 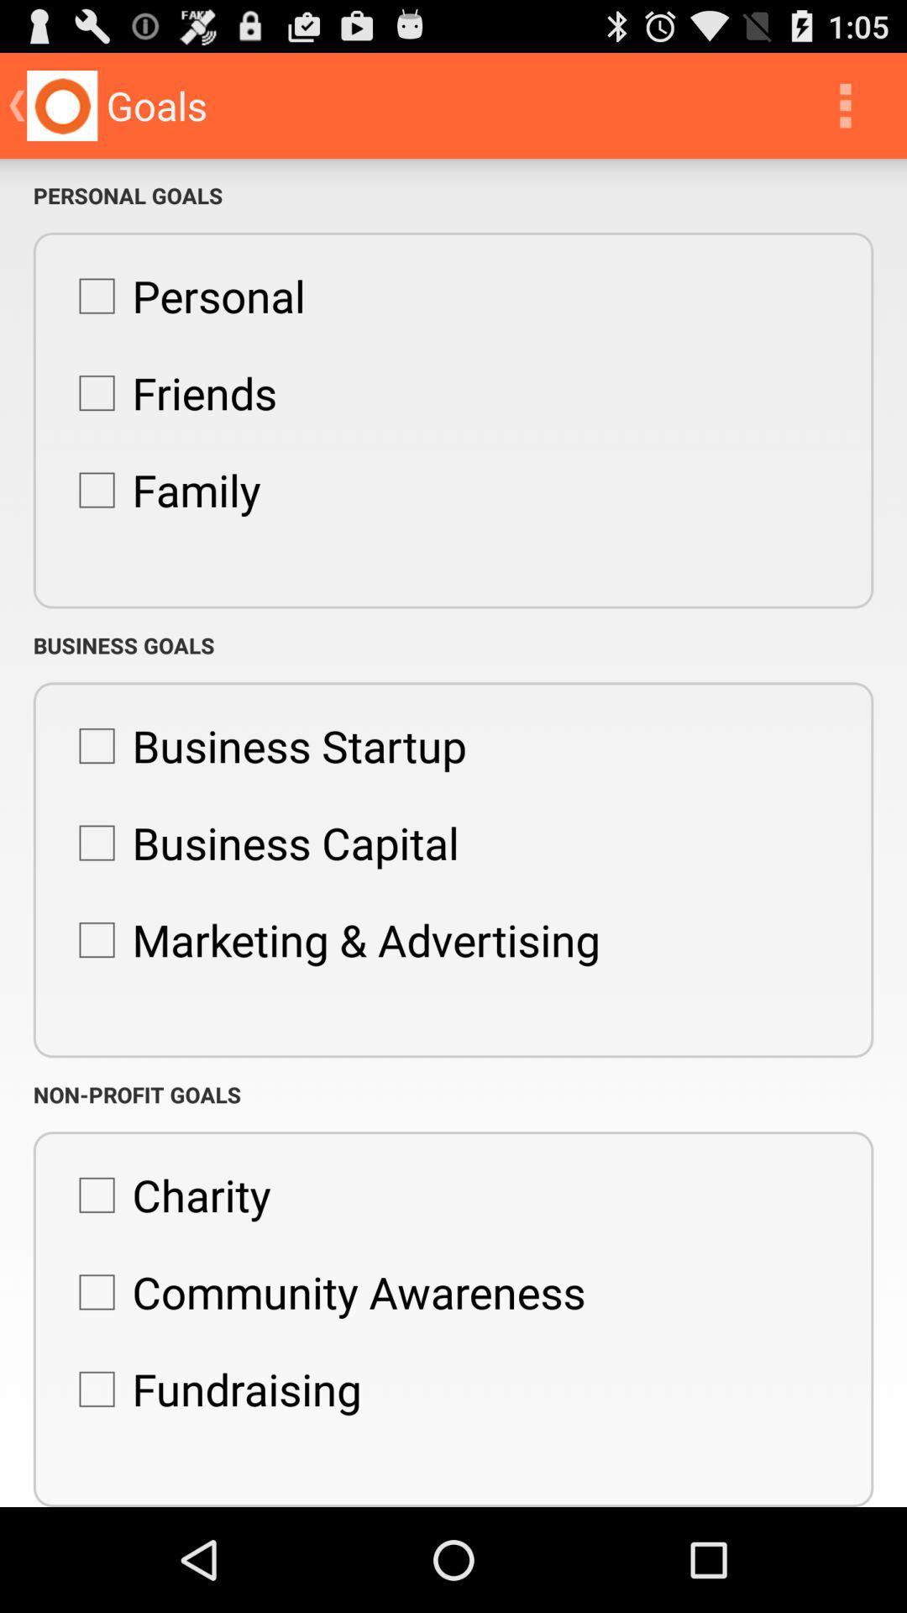 I want to click on icon above the marketing & advertising item, so click(x=260, y=843).